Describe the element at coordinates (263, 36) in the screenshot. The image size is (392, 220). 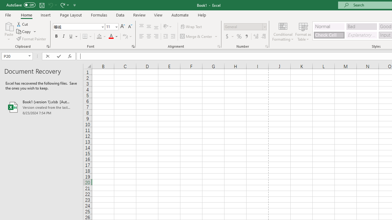
I see `'Decrease Decimal'` at that location.